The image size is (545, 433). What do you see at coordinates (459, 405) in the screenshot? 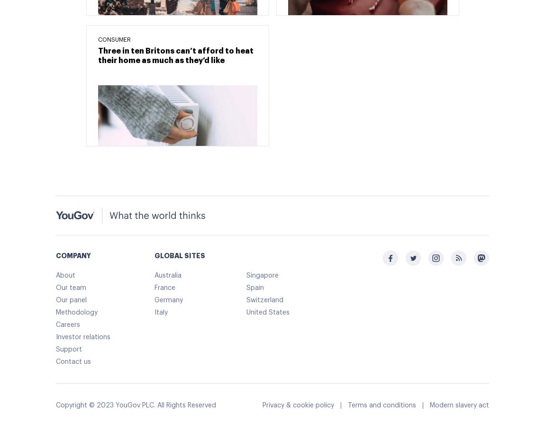
I see `'Modern slavery act'` at bounding box center [459, 405].